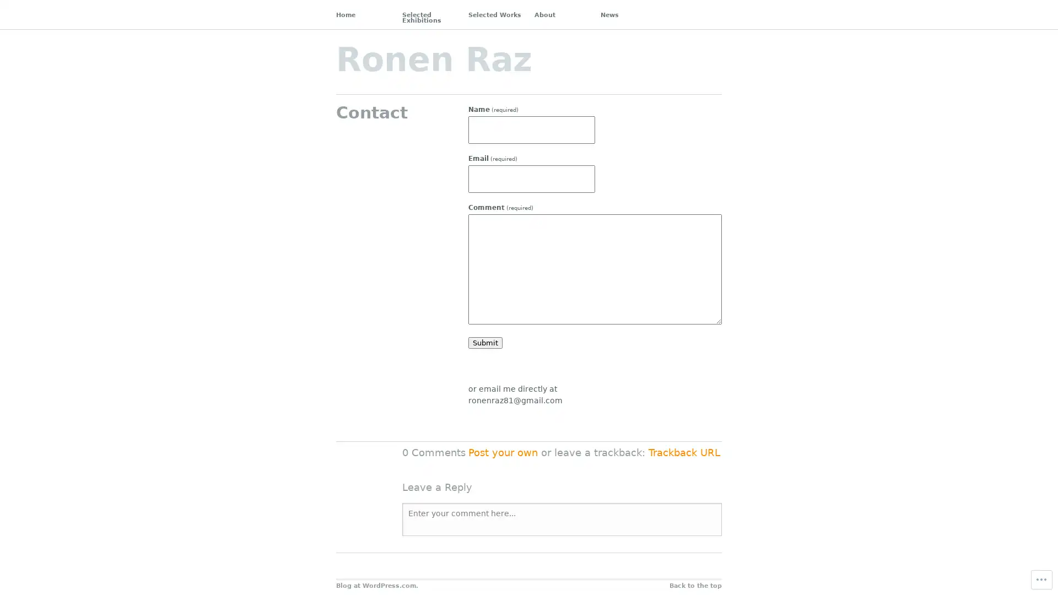  I want to click on Submit, so click(484, 342).